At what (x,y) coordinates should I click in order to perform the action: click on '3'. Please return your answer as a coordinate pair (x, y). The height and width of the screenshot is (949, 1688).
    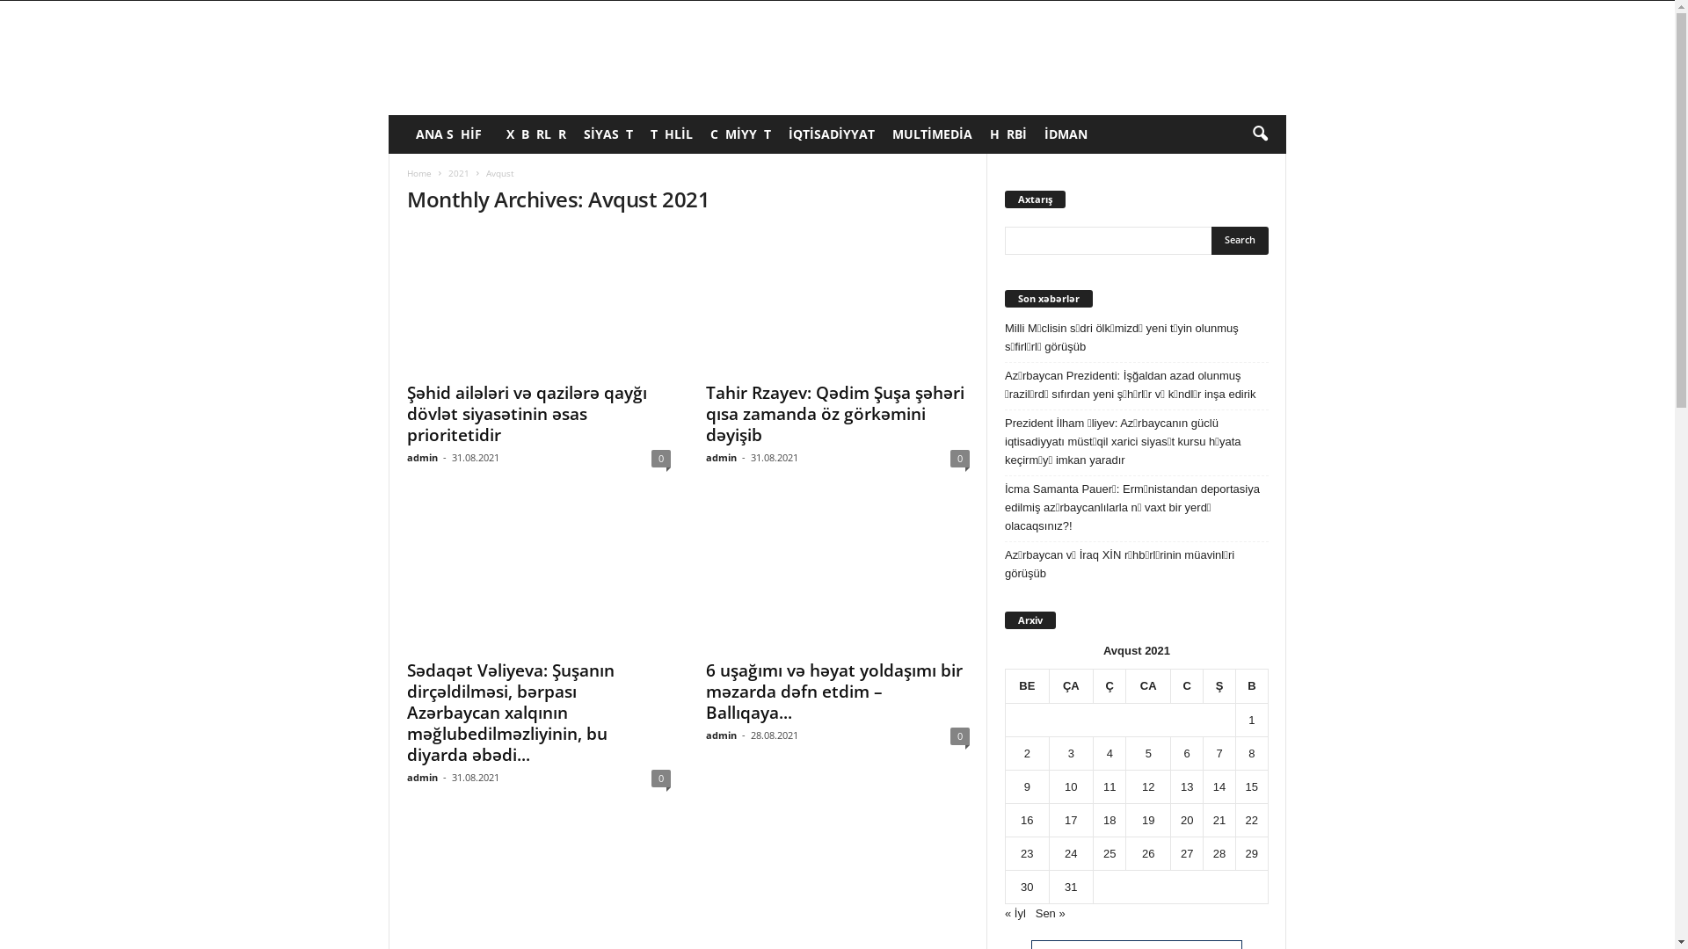
    Looking at the image, I should click on (1070, 752).